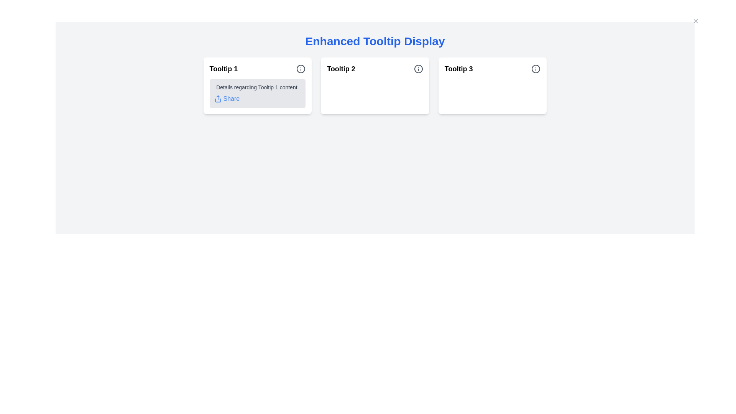 This screenshot has height=414, width=736. Describe the element at coordinates (536, 69) in the screenshot. I see `the circular 'i' icon in the header section of the card labeled 'Tooltip 3' to change its color from gray to blue` at that location.